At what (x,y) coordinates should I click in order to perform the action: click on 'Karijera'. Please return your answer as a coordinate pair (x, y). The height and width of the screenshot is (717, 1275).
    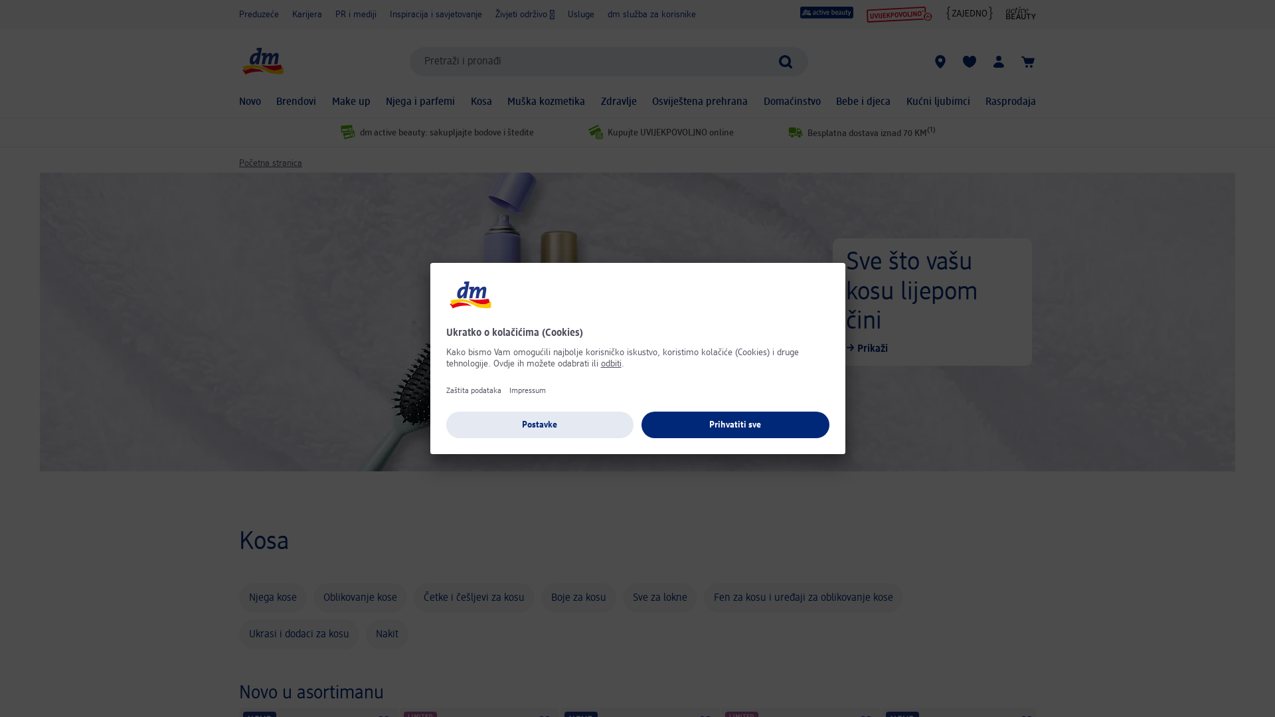
    Looking at the image, I should click on (301, 15).